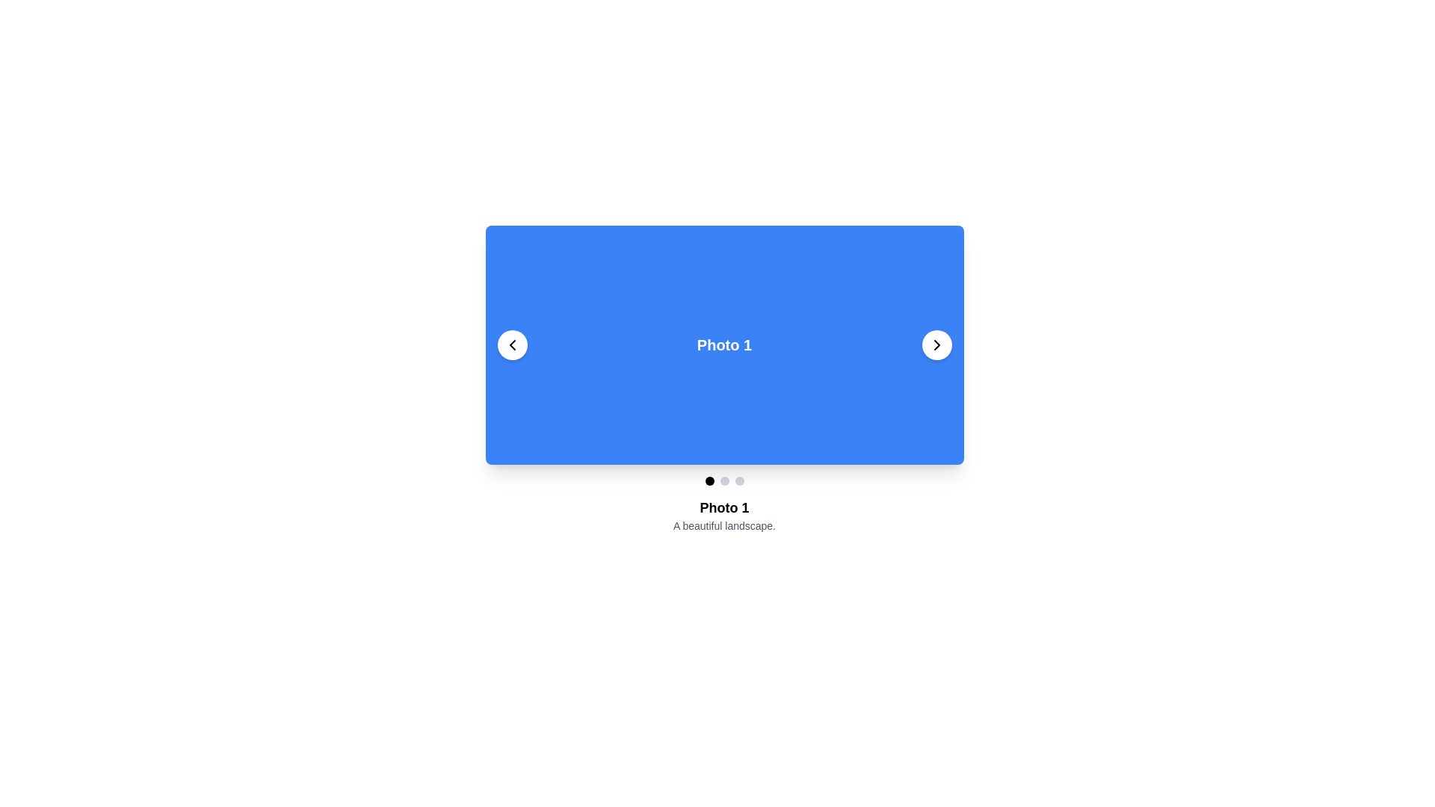 The height and width of the screenshot is (807, 1435). I want to click on the second circular pagination indicator, which is light gray and located below the blue content display area, so click(724, 481).